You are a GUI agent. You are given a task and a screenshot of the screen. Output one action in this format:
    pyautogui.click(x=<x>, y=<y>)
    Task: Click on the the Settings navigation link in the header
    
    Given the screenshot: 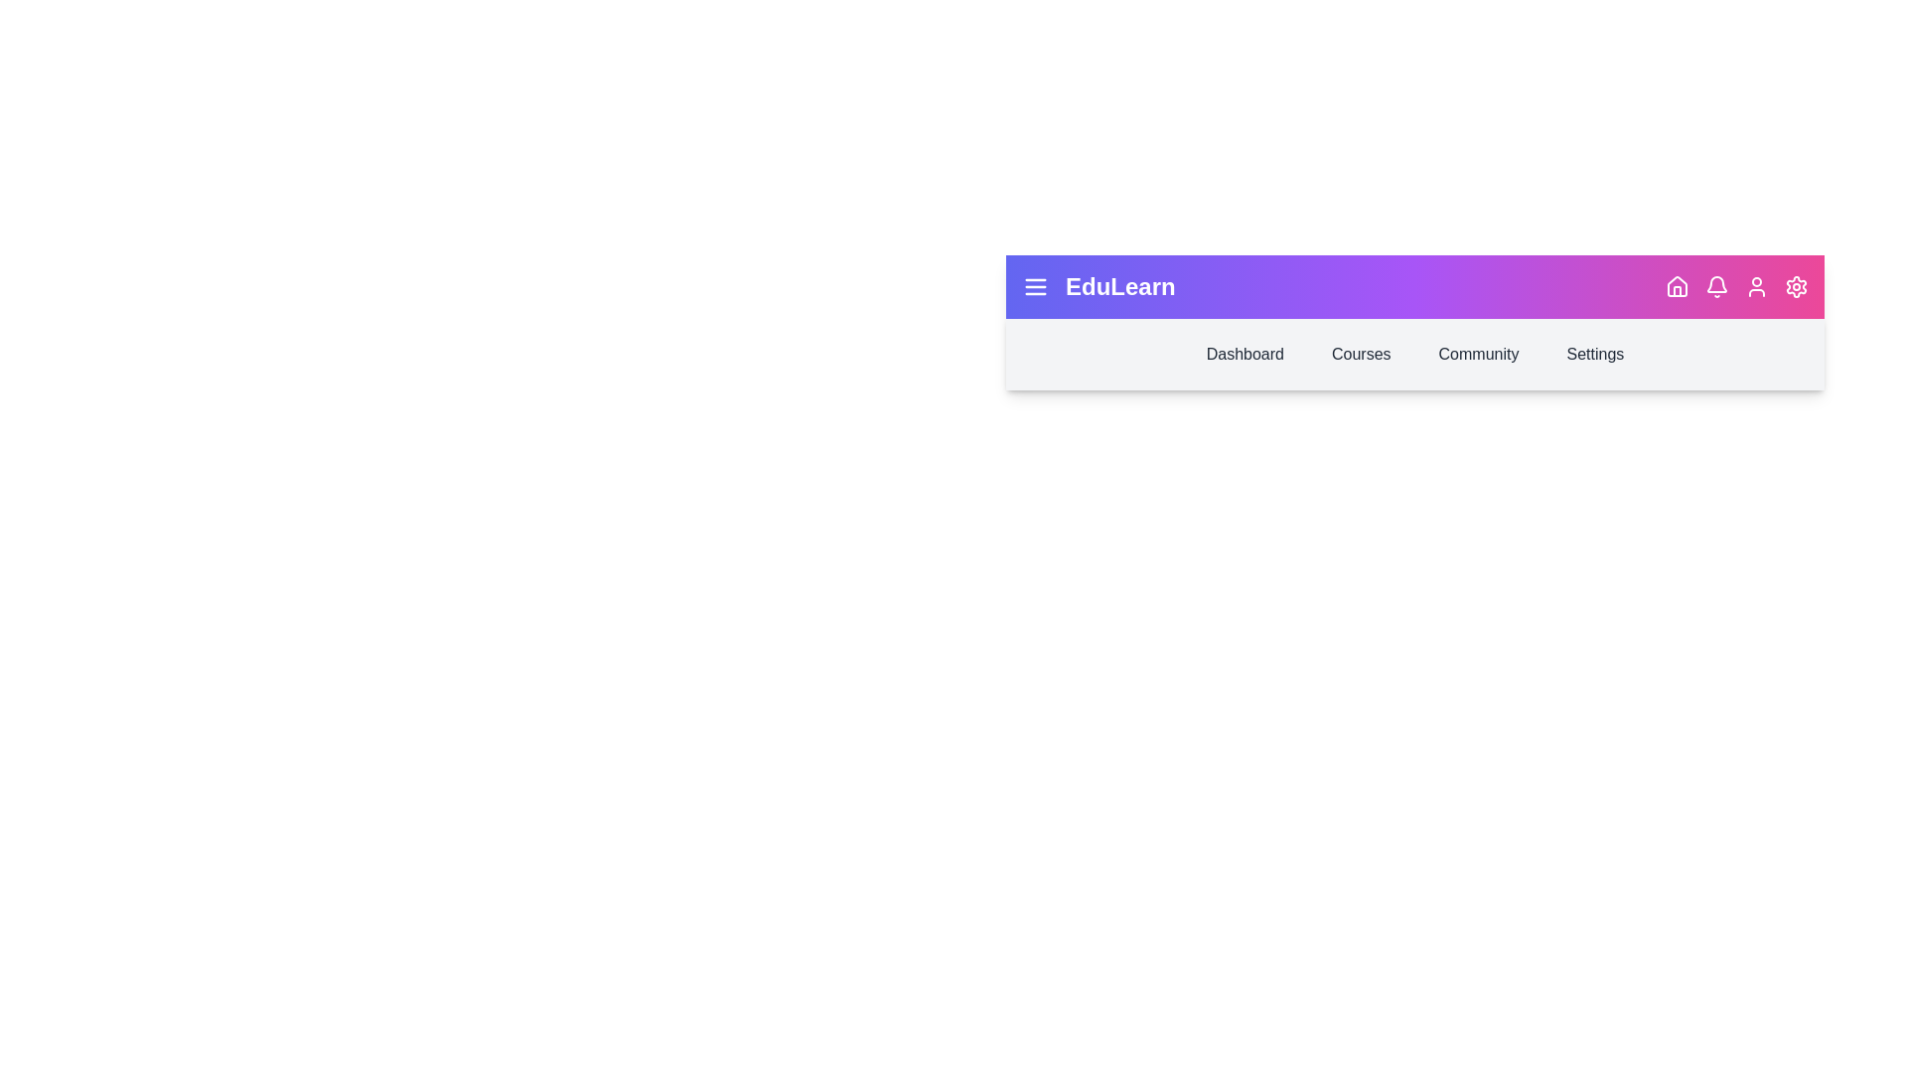 What is the action you would take?
    pyautogui.click(x=1595, y=354)
    